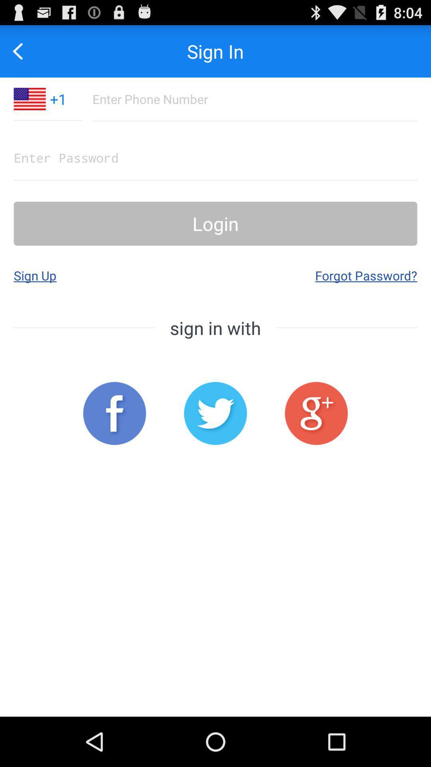  What do you see at coordinates (215, 413) in the screenshot?
I see `sign in with twitter` at bounding box center [215, 413].